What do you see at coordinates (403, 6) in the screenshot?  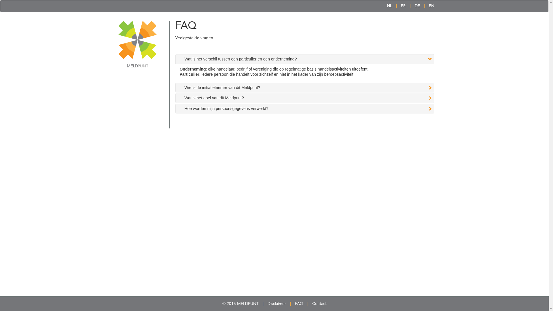 I see `'FR'` at bounding box center [403, 6].